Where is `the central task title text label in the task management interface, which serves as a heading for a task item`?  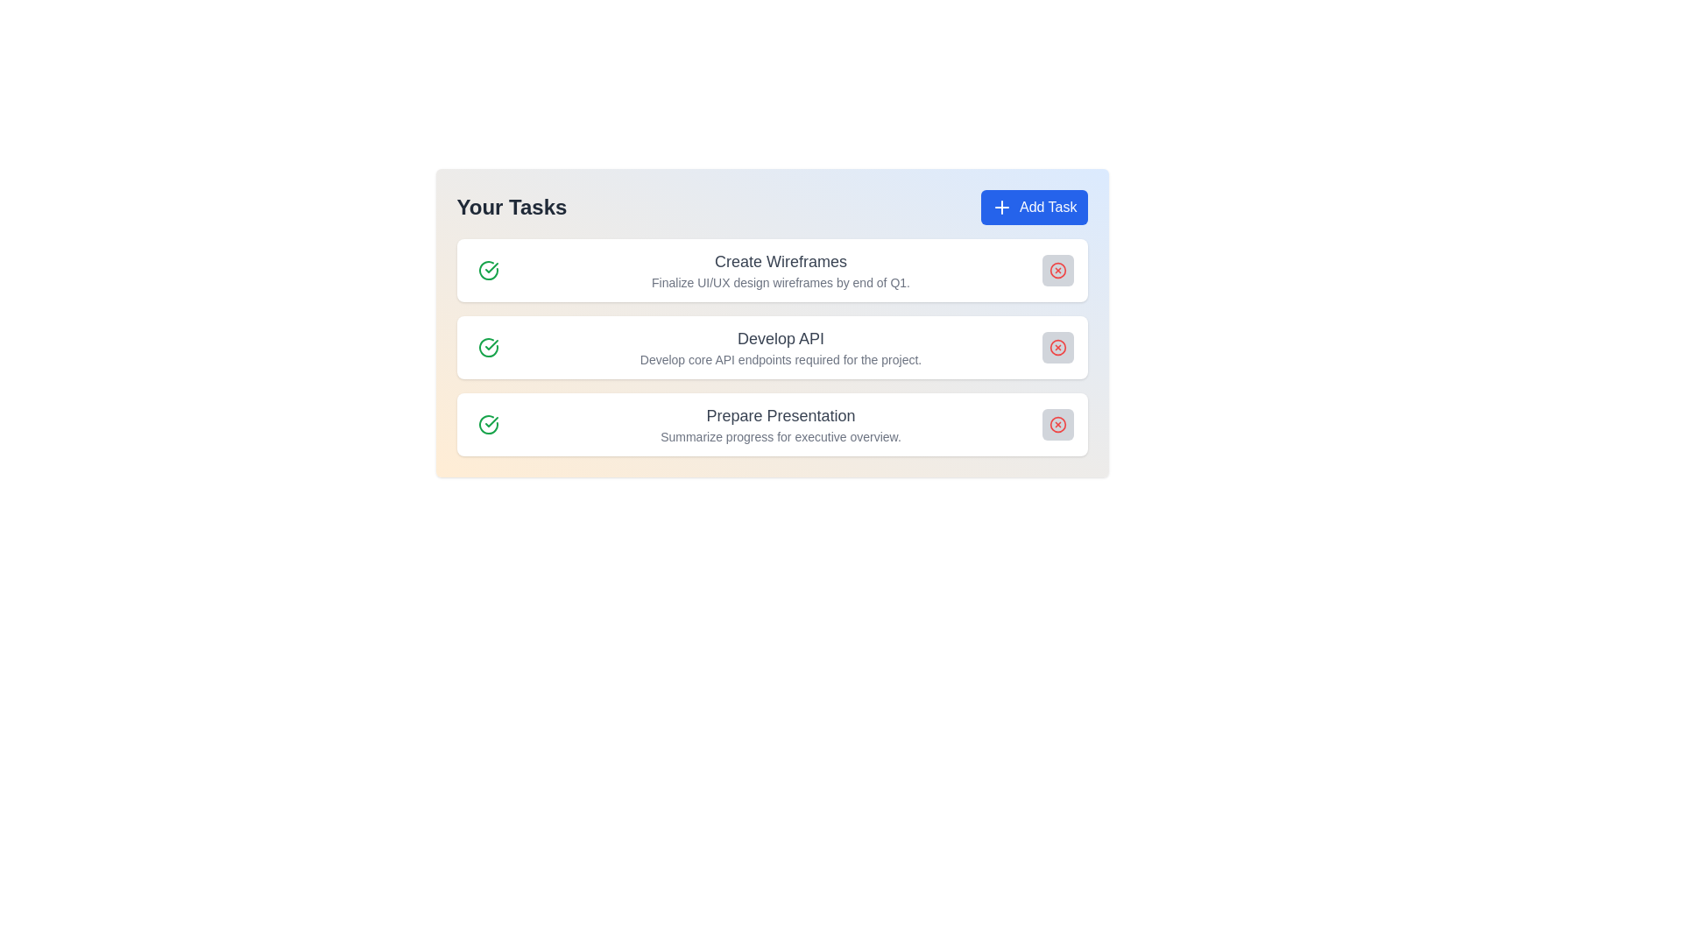
the central task title text label in the task management interface, which serves as a heading for a task item is located at coordinates (780, 338).